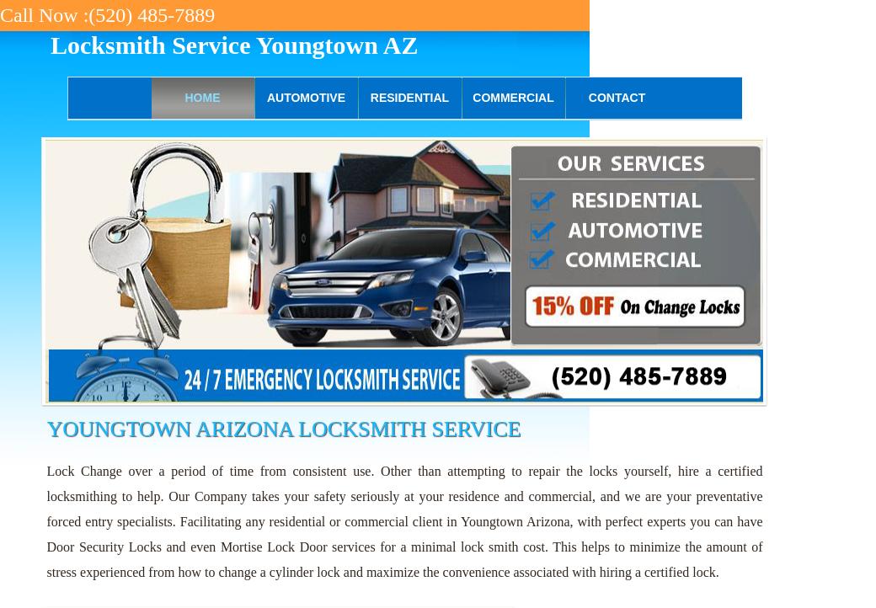  Describe the element at coordinates (45, 521) in the screenshot. I see `'Lock Change over a period of time from consistent use.  Other than attempting to repair the locks yourself, hire a certified locksmithing to help. Our Company takes your safety seriously at your residence and commercial, and we are your preventative forced entry specialists. Facilitating any residential or commercial client in Youngtown Arizona, with perfect experts you can have Door Security Locks and even Mortise Lock Door services for a minimal lock smith cost. This helps to minimize the amount of stress experienced from how to change a cylinder lock and maximize the convenience associated with hiring a certified lock.'` at that location.